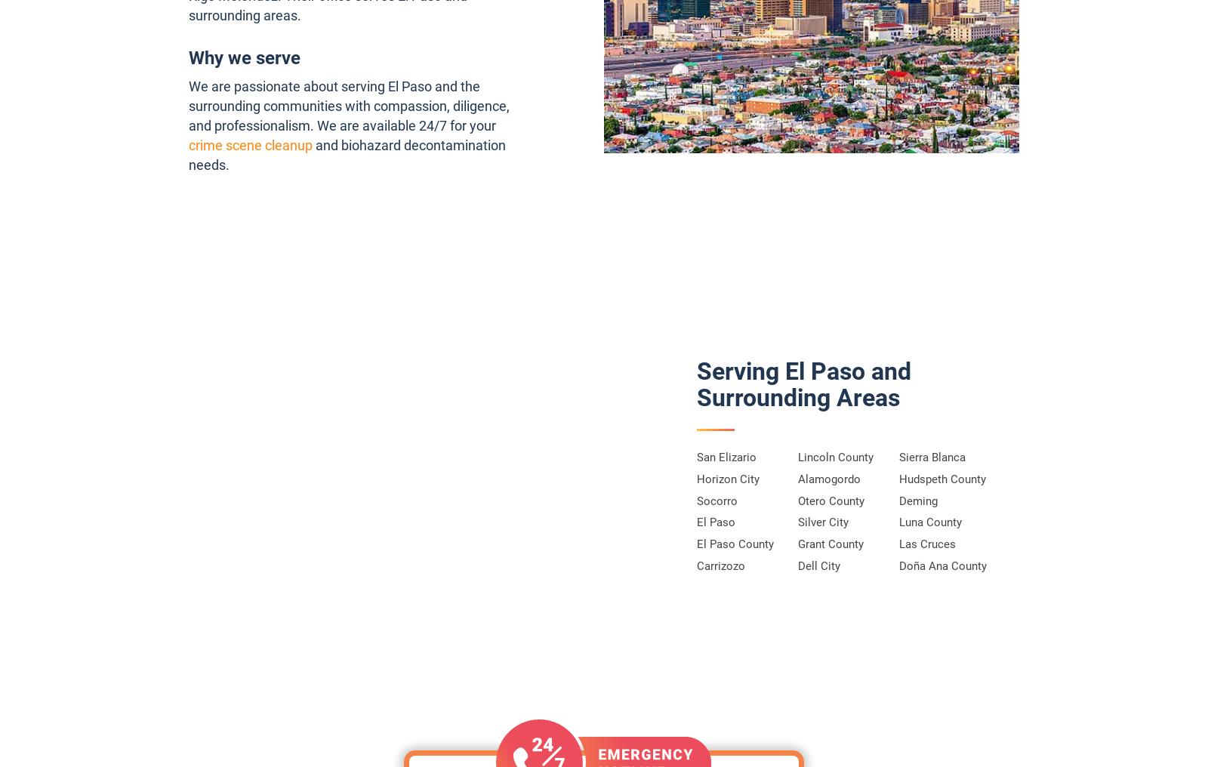 The width and height of the screenshot is (1208, 767). I want to click on 'Alamogordo', so click(797, 478).